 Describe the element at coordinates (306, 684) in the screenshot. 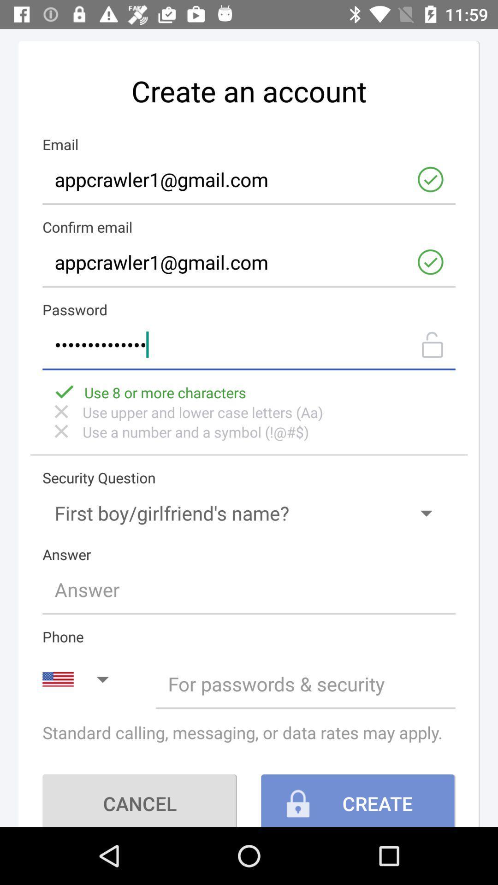

I see `your phone number` at that location.